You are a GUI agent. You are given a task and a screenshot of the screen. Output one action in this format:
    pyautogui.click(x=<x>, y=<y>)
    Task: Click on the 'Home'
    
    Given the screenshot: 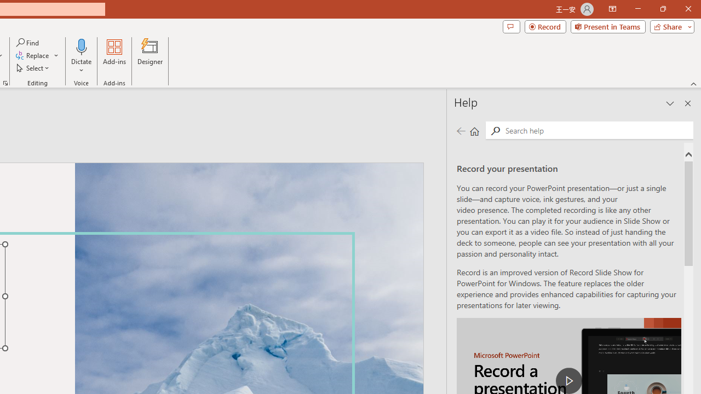 What is the action you would take?
    pyautogui.click(x=474, y=130)
    